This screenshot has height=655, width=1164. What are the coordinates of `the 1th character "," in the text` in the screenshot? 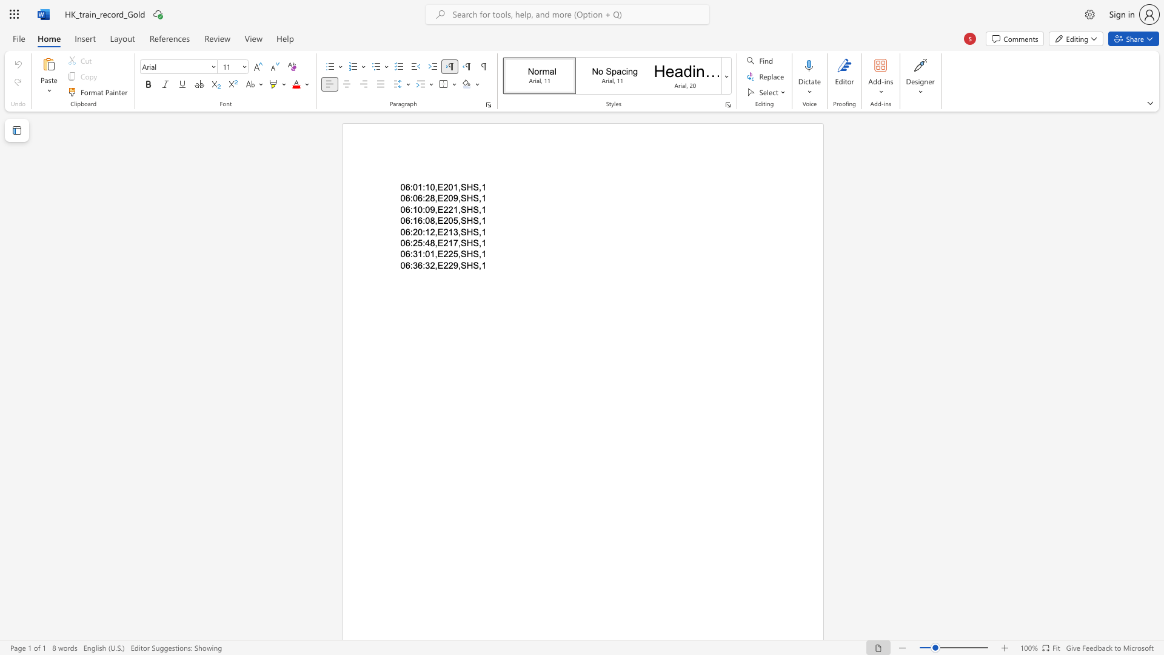 It's located at (436, 264).